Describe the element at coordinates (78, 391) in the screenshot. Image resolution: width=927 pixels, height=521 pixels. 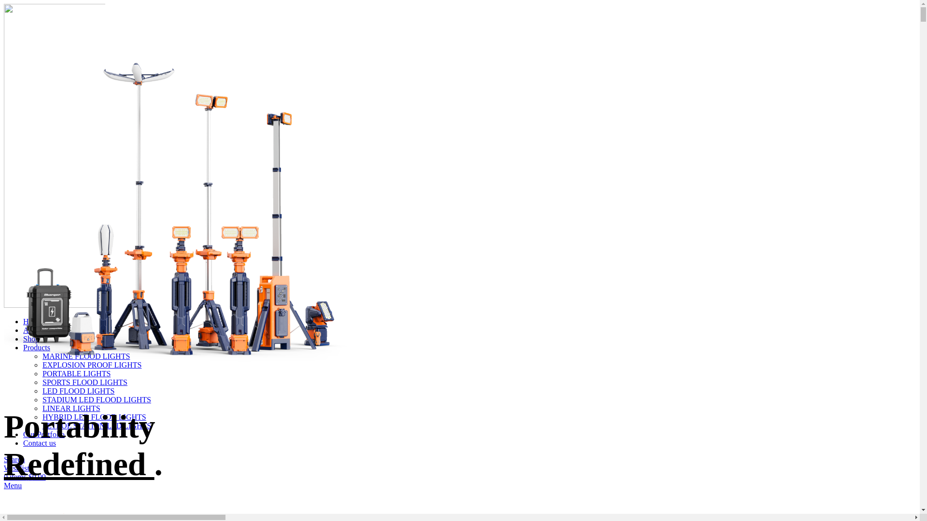
I see `'LED FLOOD LIGHTS'` at that location.